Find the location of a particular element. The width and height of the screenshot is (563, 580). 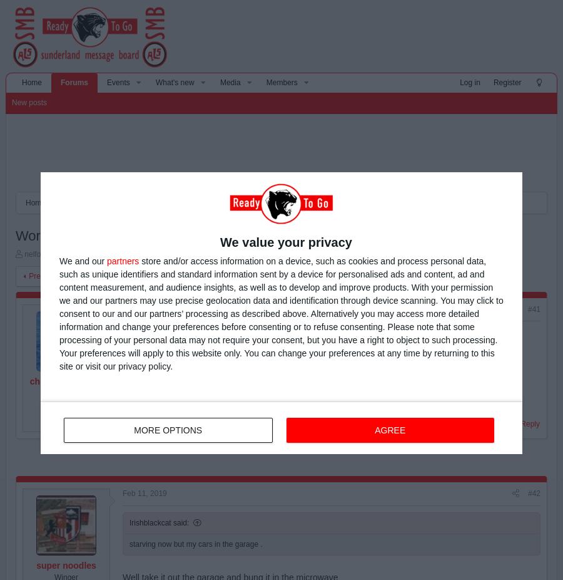

'Events' is located at coordinates (107, 81).